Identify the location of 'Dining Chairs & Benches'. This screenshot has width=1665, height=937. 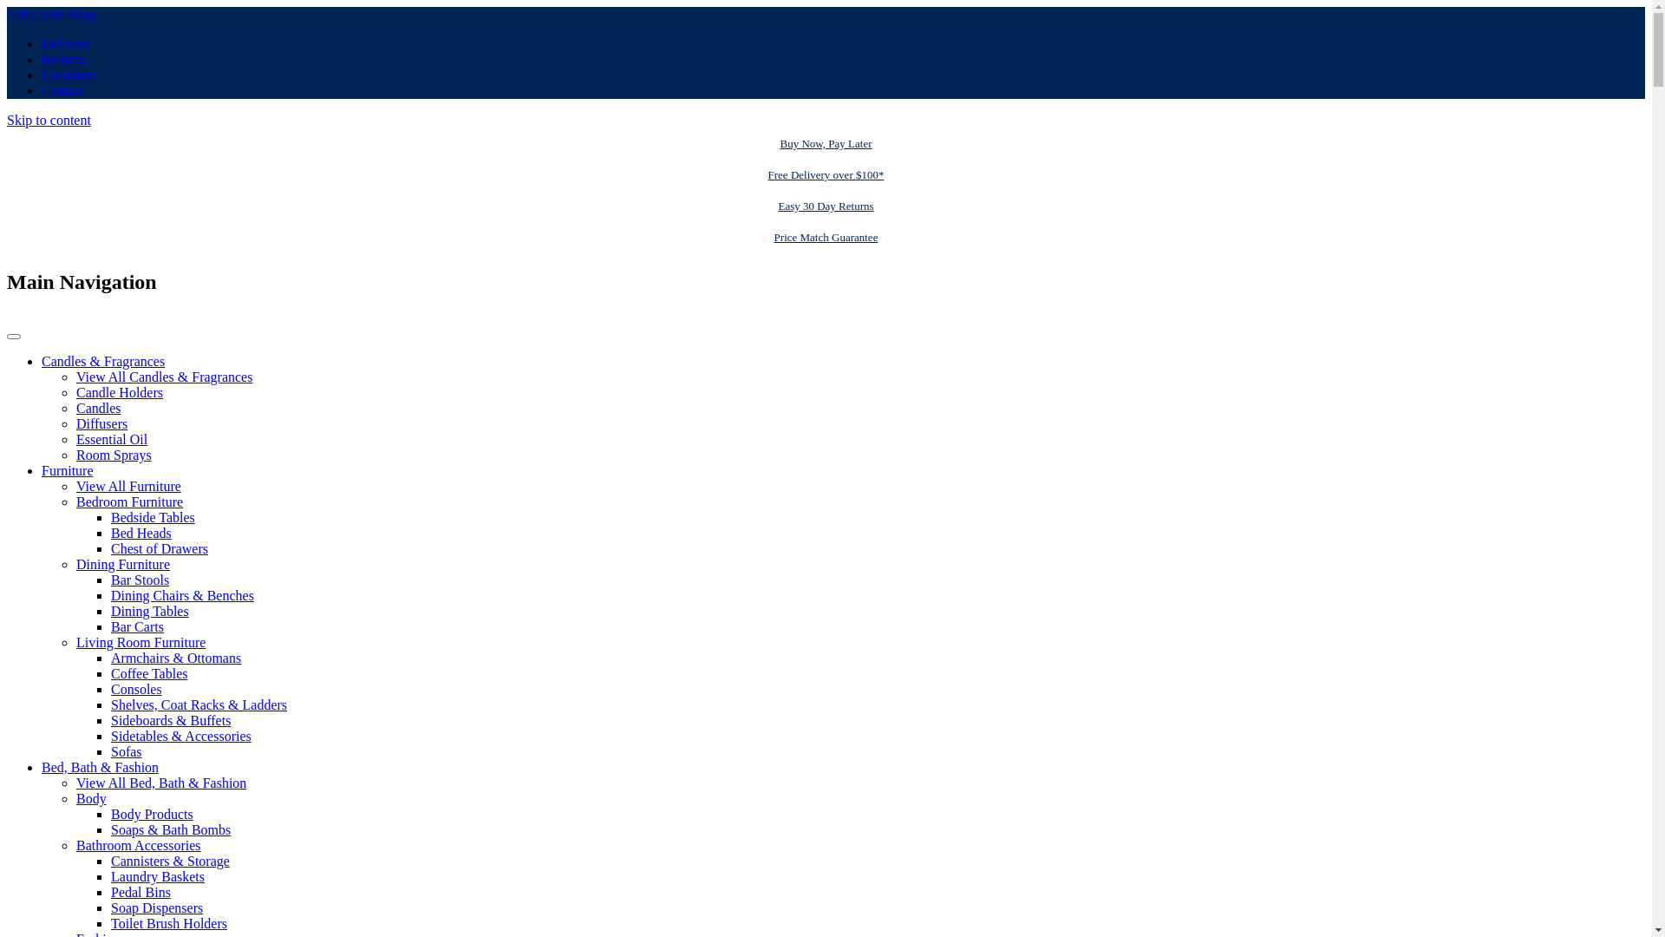
(182, 594).